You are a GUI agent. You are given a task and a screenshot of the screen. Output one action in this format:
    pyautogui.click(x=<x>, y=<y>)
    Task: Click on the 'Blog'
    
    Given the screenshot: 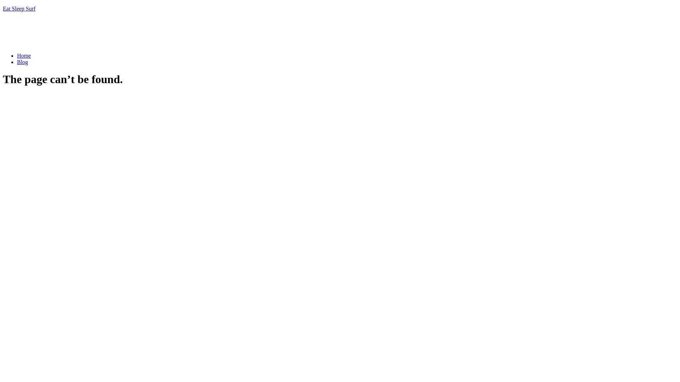 What is the action you would take?
    pyautogui.click(x=22, y=62)
    